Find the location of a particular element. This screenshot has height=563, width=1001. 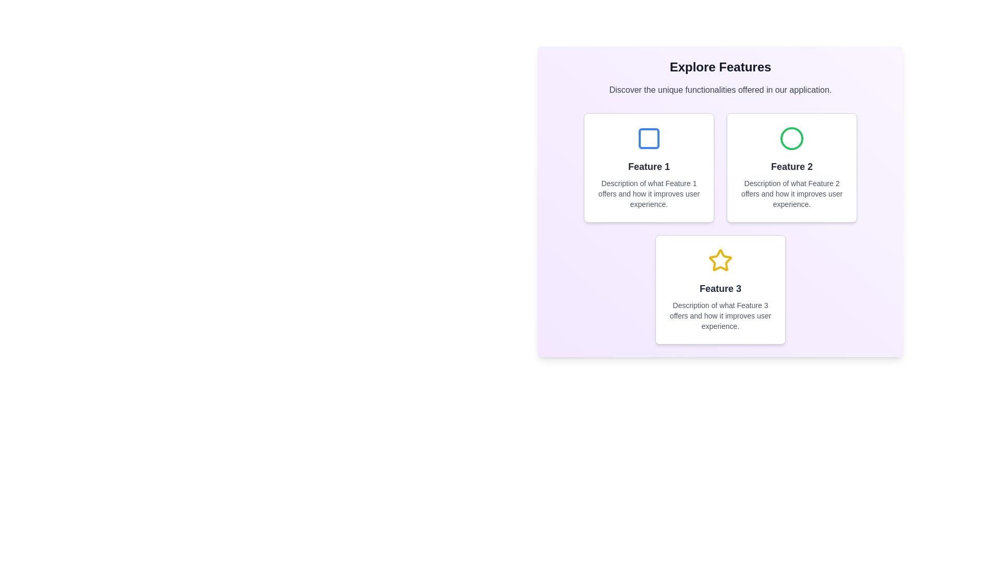

the prominent header displaying 'Explore Features' in a bold, large font, styled in dark gray or black is located at coordinates (720, 67).